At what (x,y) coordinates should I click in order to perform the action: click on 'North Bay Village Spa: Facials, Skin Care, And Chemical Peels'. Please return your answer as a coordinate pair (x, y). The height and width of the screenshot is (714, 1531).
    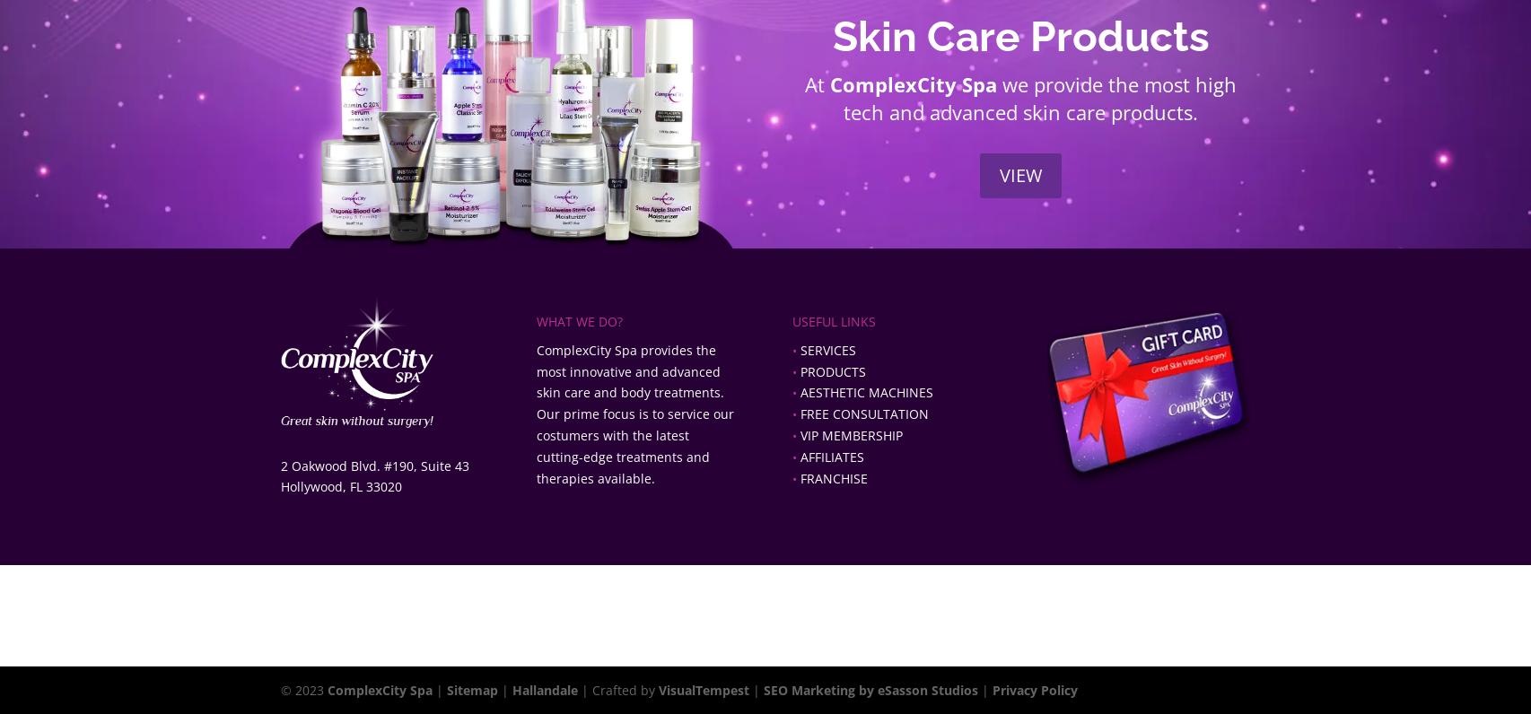
    Looking at the image, I should click on (672, 638).